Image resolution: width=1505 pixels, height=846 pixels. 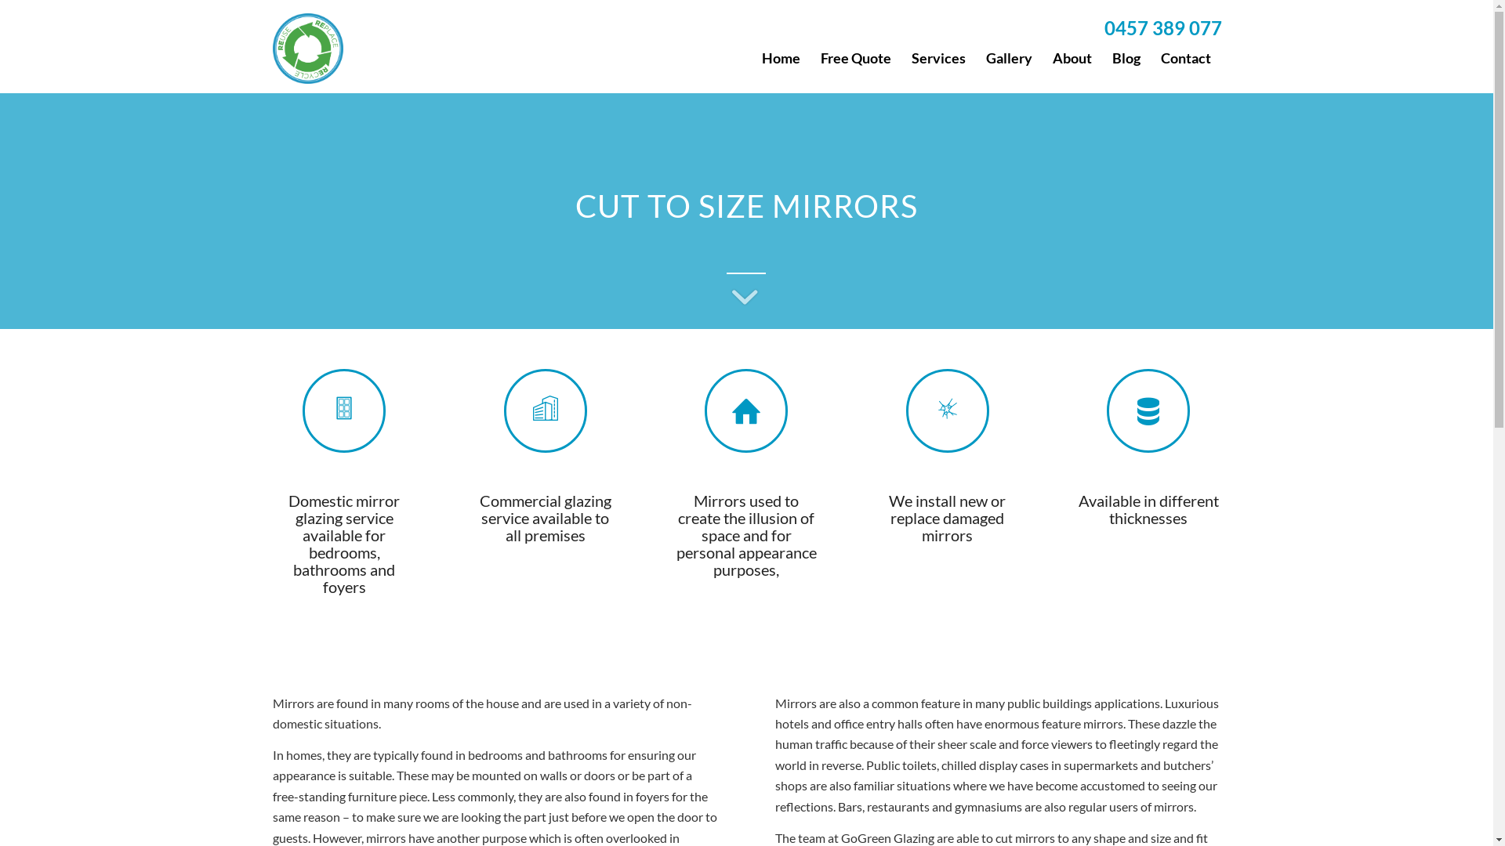 What do you see at coordinates (1125, 56) in the screenshot?
I see `'Blog'` at bounding box center [1125, 56].